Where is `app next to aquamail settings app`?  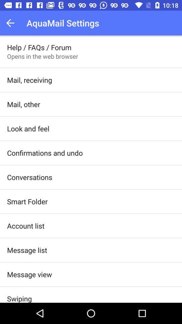 app next to aquamail settings app is located at coordinates (12, 23).